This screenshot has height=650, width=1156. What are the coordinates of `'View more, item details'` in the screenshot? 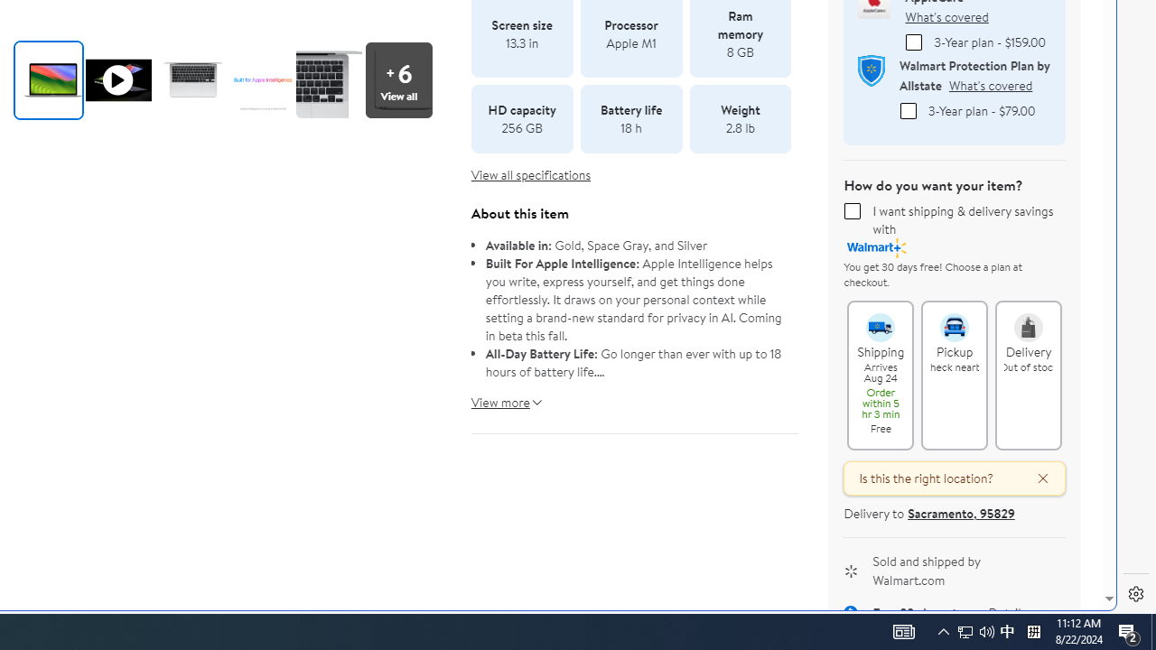 It's located at (500, 395).